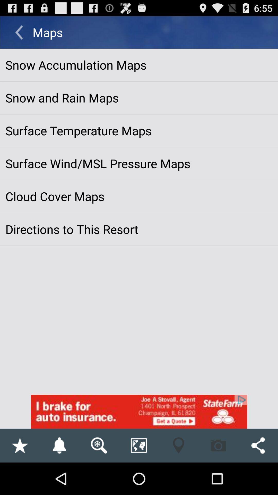 This screenshot has height=495, width=278. What do you see at coordinates (59, 445) in the screenshot?
I see `to subscribe` at bounding box center [59, 445].